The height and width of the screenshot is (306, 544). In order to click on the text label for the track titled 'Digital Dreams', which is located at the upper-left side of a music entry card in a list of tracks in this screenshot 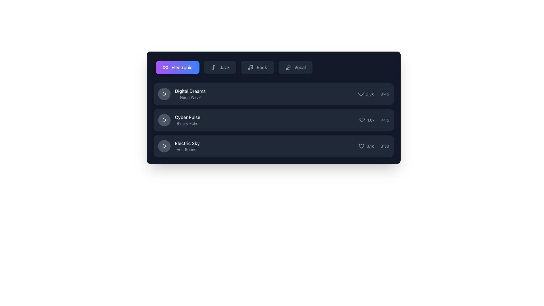, I will do `click(190, 91)`.